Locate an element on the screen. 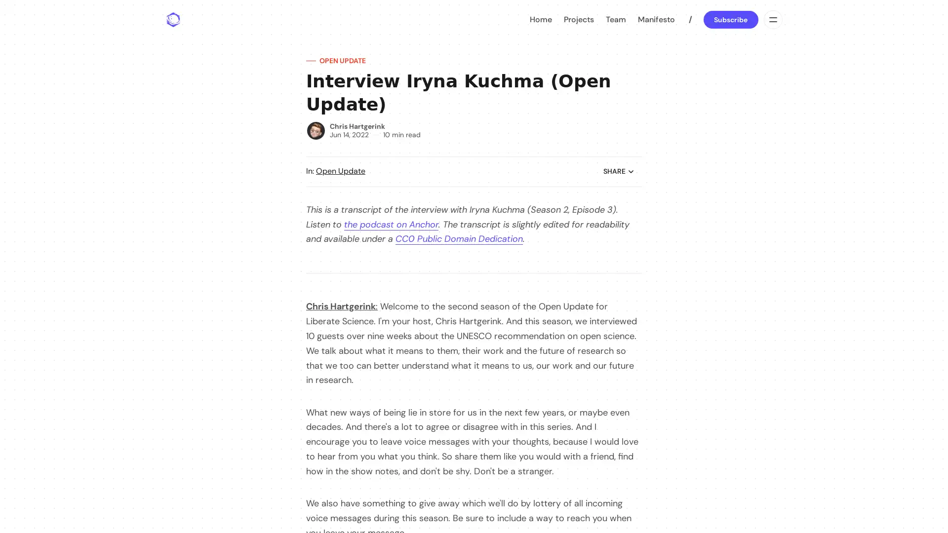  SHARE is located at coordinates (618, 171).